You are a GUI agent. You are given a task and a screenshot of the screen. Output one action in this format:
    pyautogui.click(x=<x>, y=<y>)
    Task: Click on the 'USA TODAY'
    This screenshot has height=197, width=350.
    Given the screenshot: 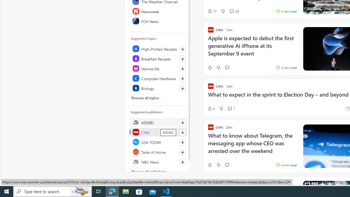 What is the action you would take?
    pyautogui.click(x=158, y=142)
    